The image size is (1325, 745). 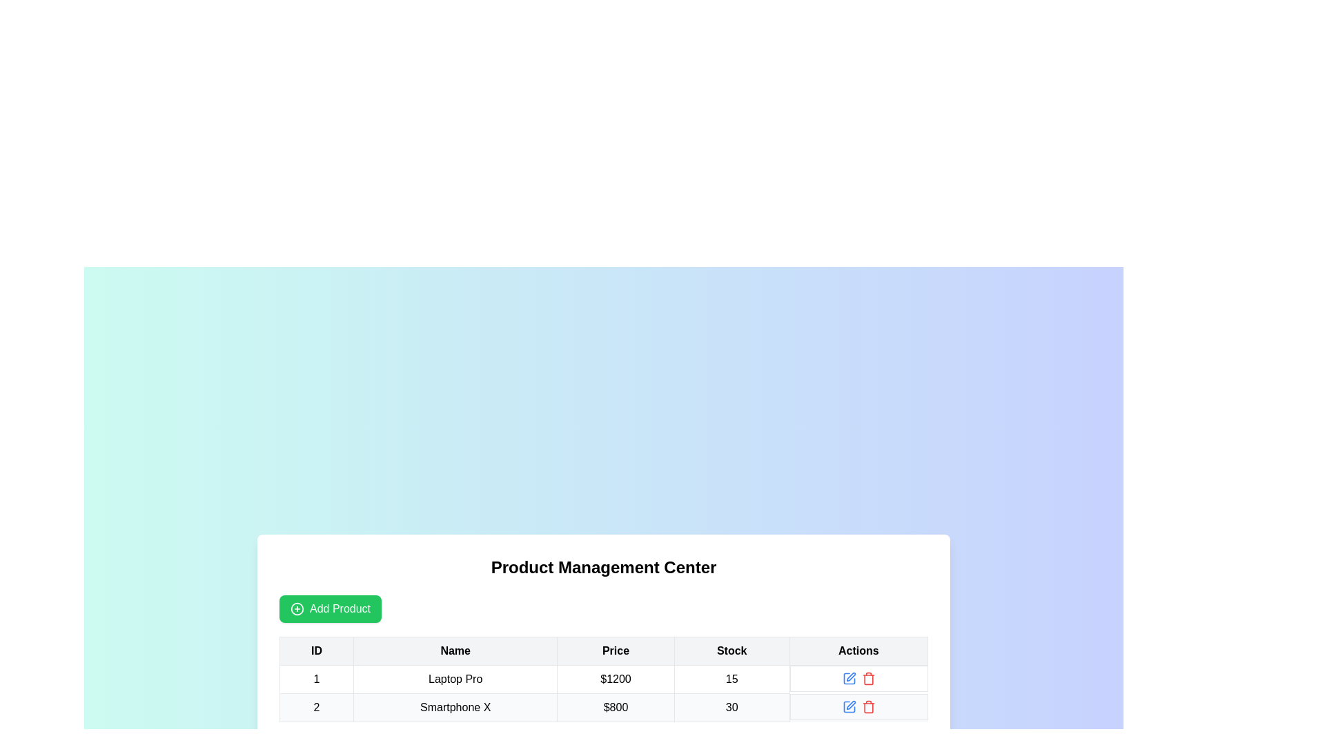 I want to click on the text label that serves as the title for the product management section, located above the 'Add Product' button, so click(x=603, y=567).